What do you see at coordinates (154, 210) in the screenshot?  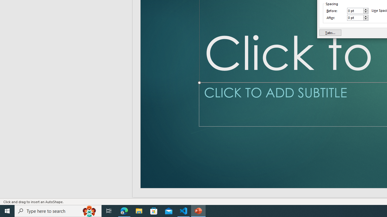 I see `'Microsoft Store'` at bounding box center [154, 210].